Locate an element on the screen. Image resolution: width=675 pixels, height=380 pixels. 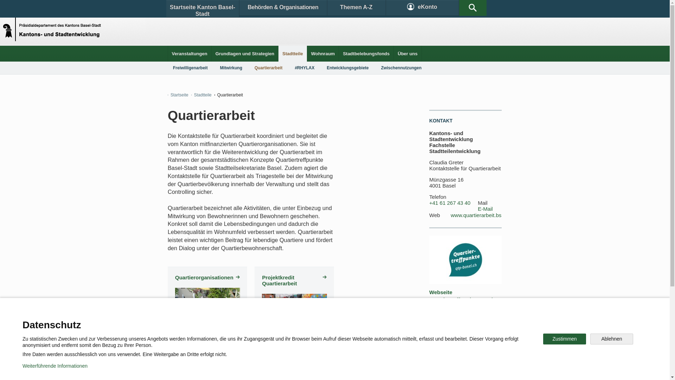
'Stadtbelebungsfonds' is located at coordinates (366, 53).